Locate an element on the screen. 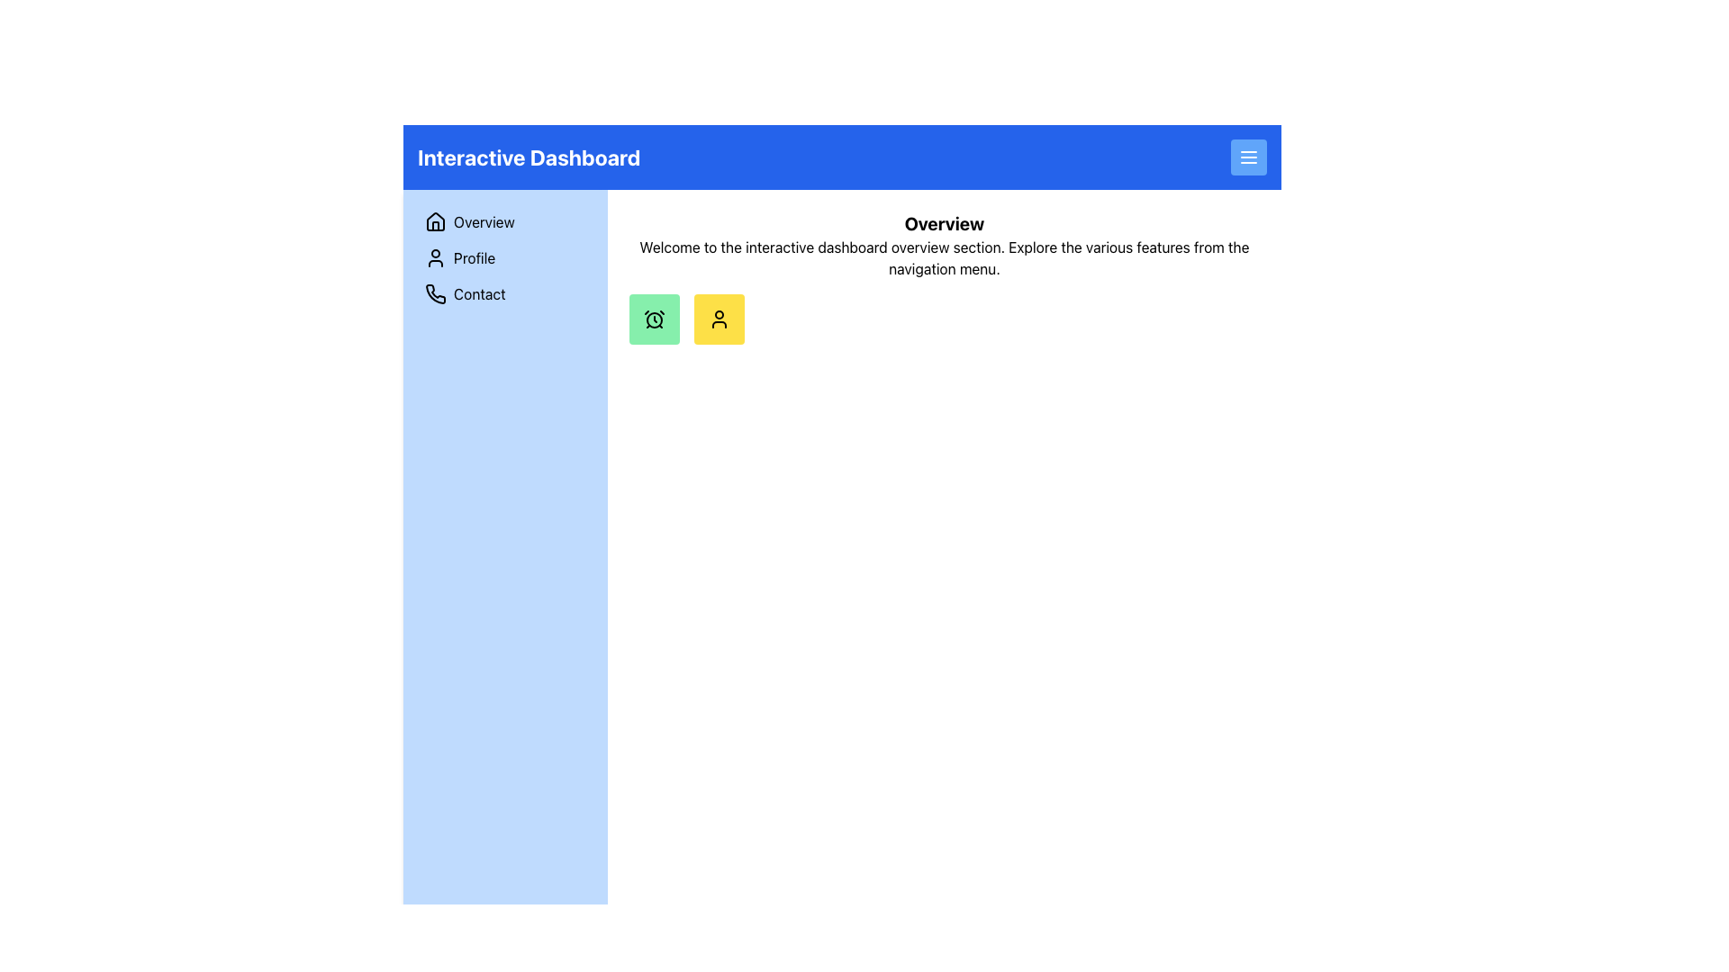 This screenshot has height=972, width=1729. the Text Block that provides an introductory message about the interactive dashboard, located directly beneath the 'Overview' heading is located at coordinates (943, 257).